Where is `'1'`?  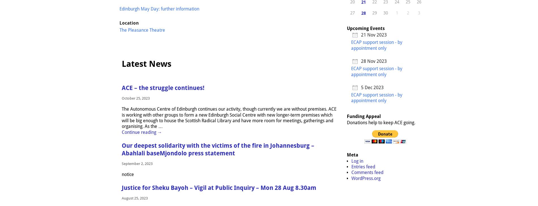
'1' is located at coordinates (396, 12).